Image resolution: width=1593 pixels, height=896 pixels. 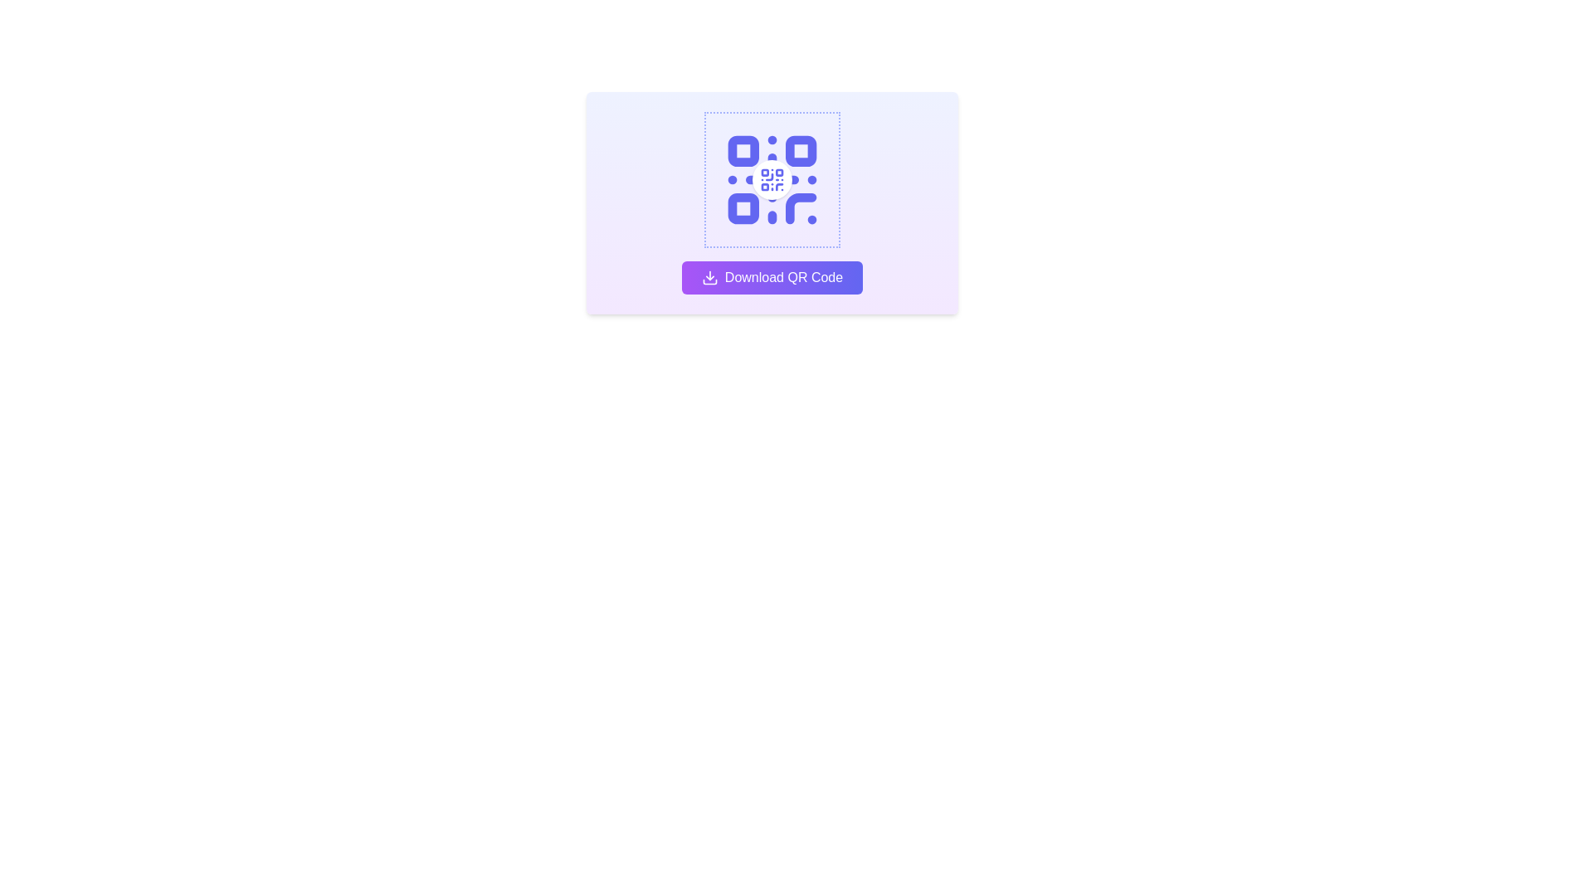 What do you see at coordinates (801, 151) in the screenshot?
I see `the graphical square component with rounded corners, located near the top-right corner of the QR code icon` at bounding box center [801, 151].